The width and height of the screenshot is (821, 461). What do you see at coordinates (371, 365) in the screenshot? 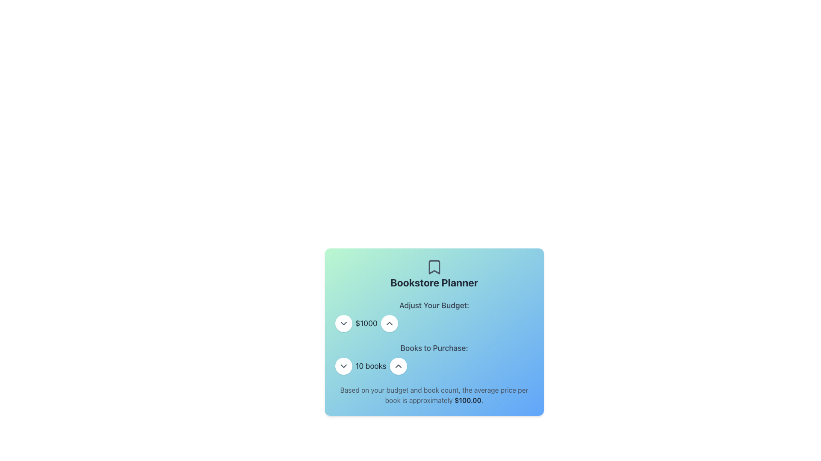
I see `the text label displaying '10 books', which is centrally located between an upward and downward arrow, styled in dark gray on a light gradient background` at bounding box center [371, 365].